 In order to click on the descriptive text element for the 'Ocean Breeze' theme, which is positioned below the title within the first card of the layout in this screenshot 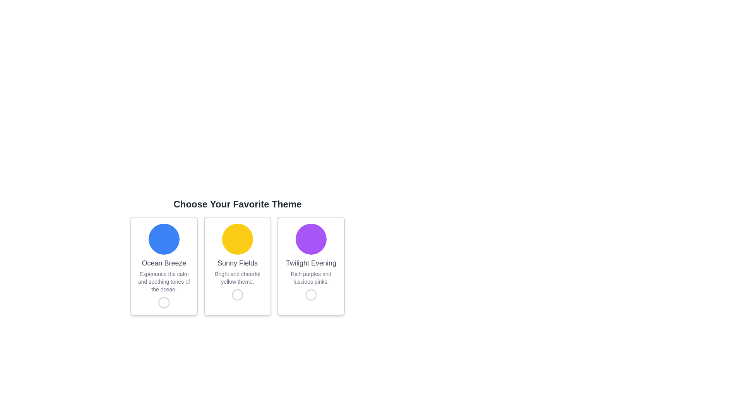, I will do `click(163, 282)`.